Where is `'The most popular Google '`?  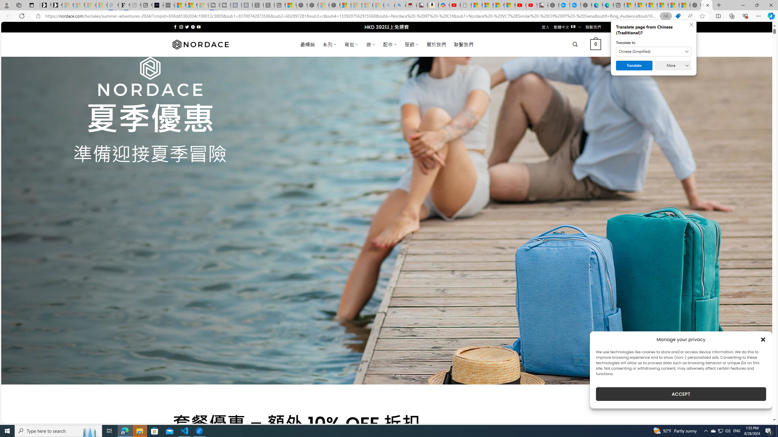 'The most popular Google ' is located at coordinates (575, 5).